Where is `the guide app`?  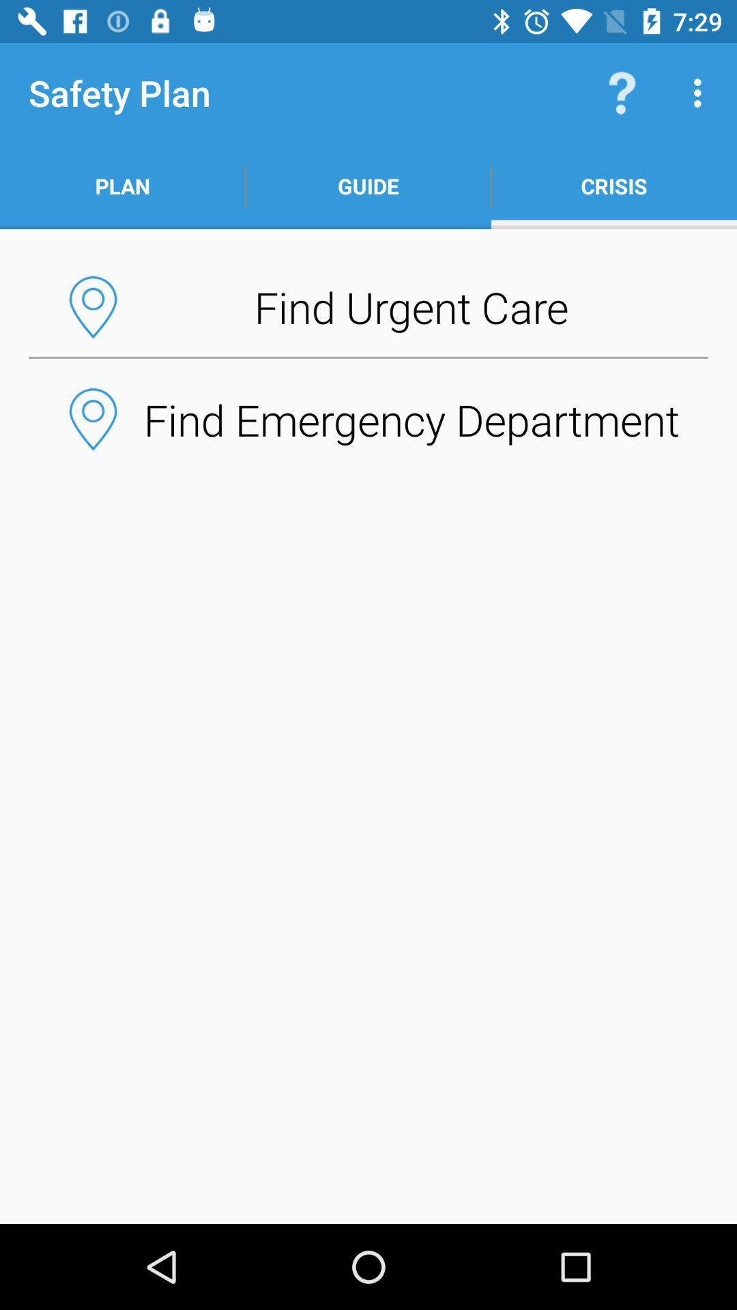
the guide app is located at coordinates (369, 186).